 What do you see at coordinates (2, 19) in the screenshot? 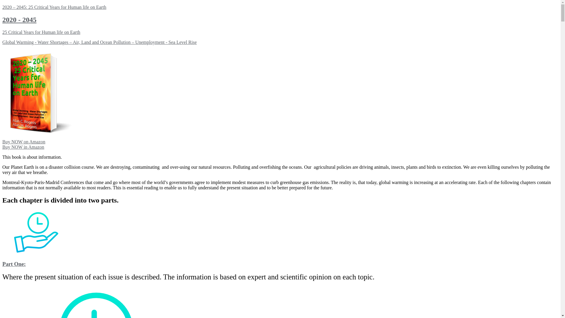
I see `'2020 - 2045'` at bounding box center [2, 19].